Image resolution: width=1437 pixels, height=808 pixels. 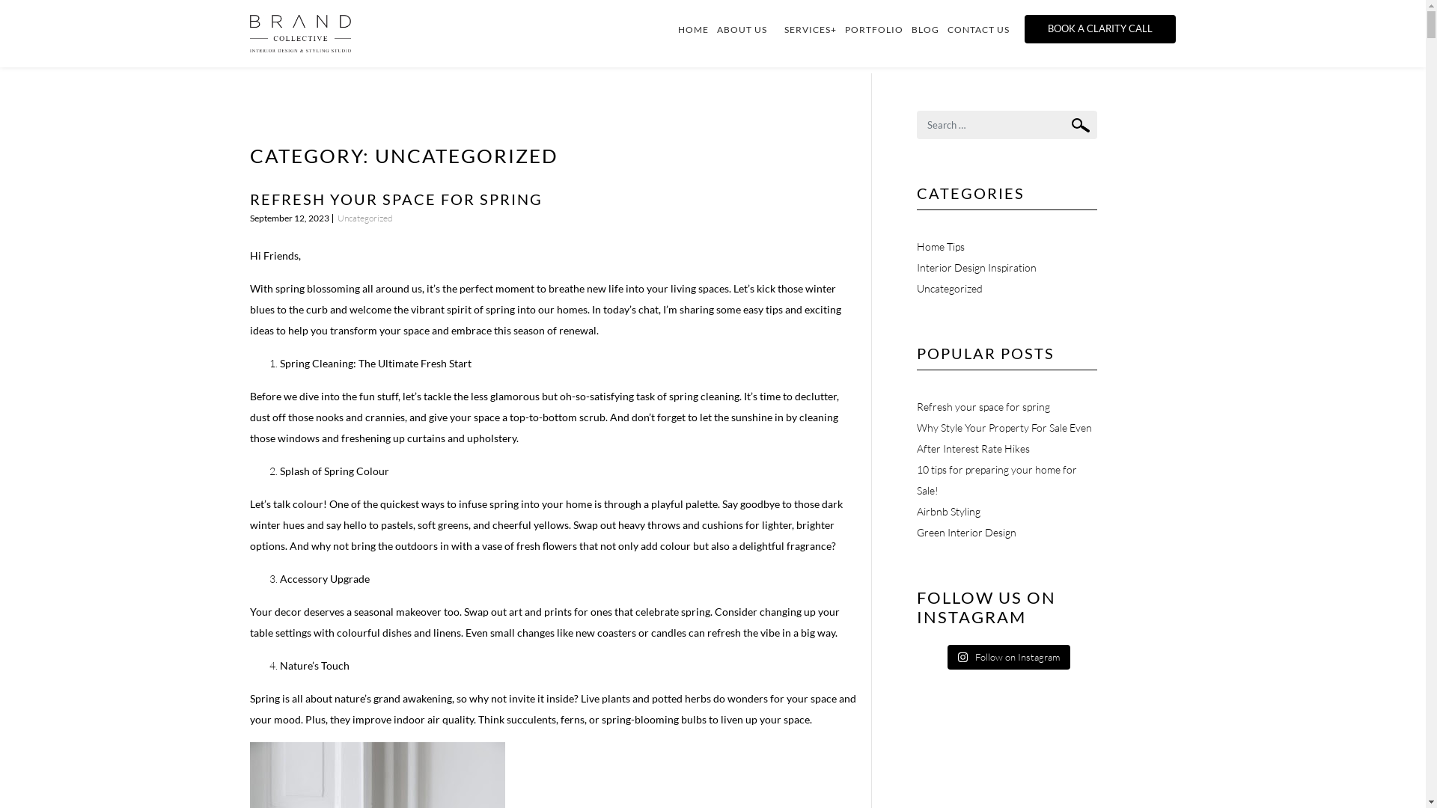 What do you see at coordinates (1081, 125) in the screenshot?
I see `'Search'` at bounding box center [1081, 125].